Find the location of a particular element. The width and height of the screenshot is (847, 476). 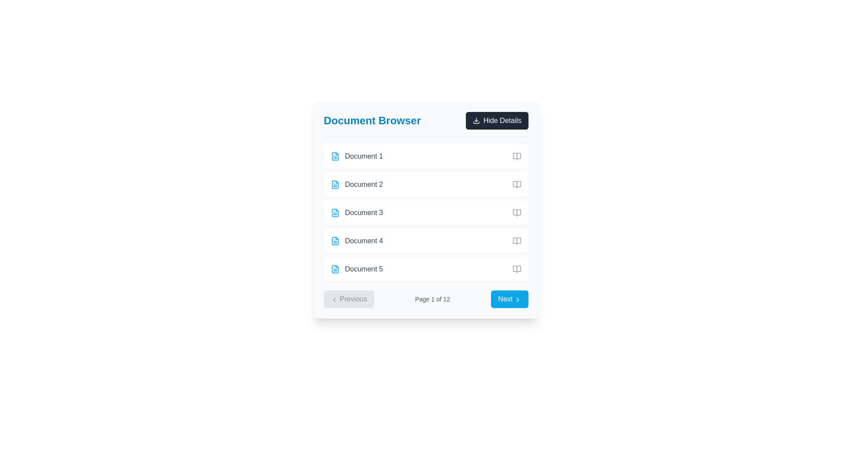

the open book icon located on the right end of the row labeled 'Document 5' in the 'Document Browser' interface is located at coordinates (517, 268).